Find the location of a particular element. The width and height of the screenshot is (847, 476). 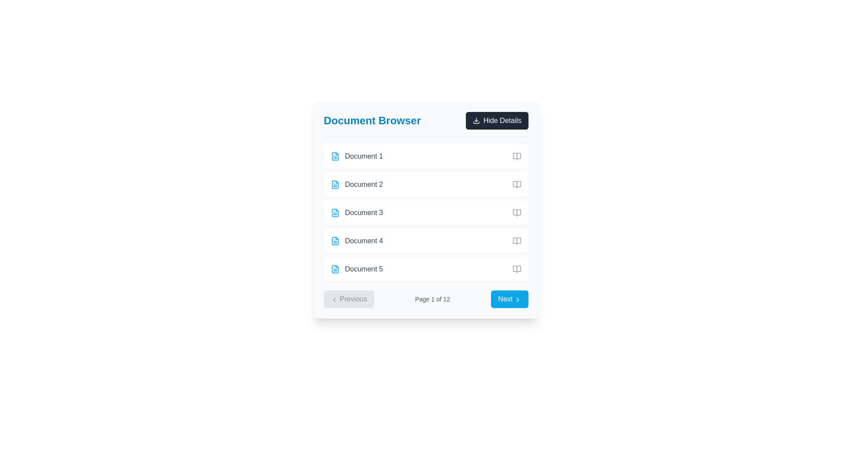

the open book icon located on the right end of the row labeled 'Document 5' in the 'Document Browser' interface is located at coordinates (517, 268).